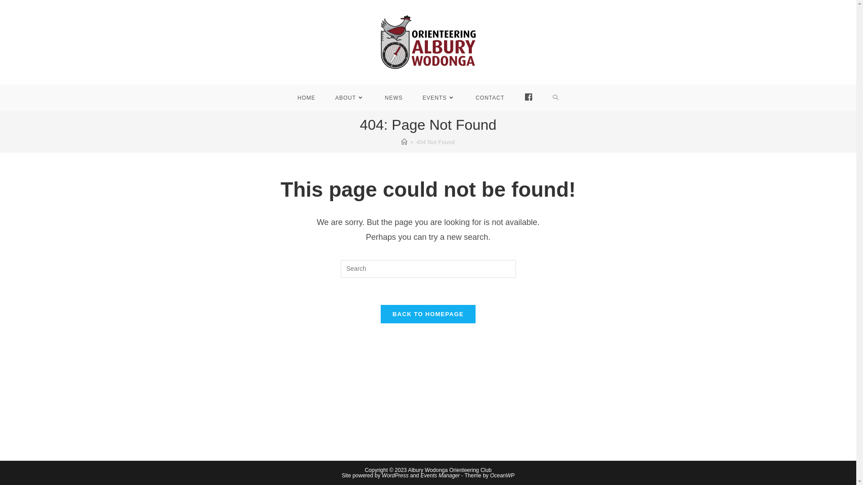  I want to click on 'BACK TO HOMEPAGE', so click(427, 313).